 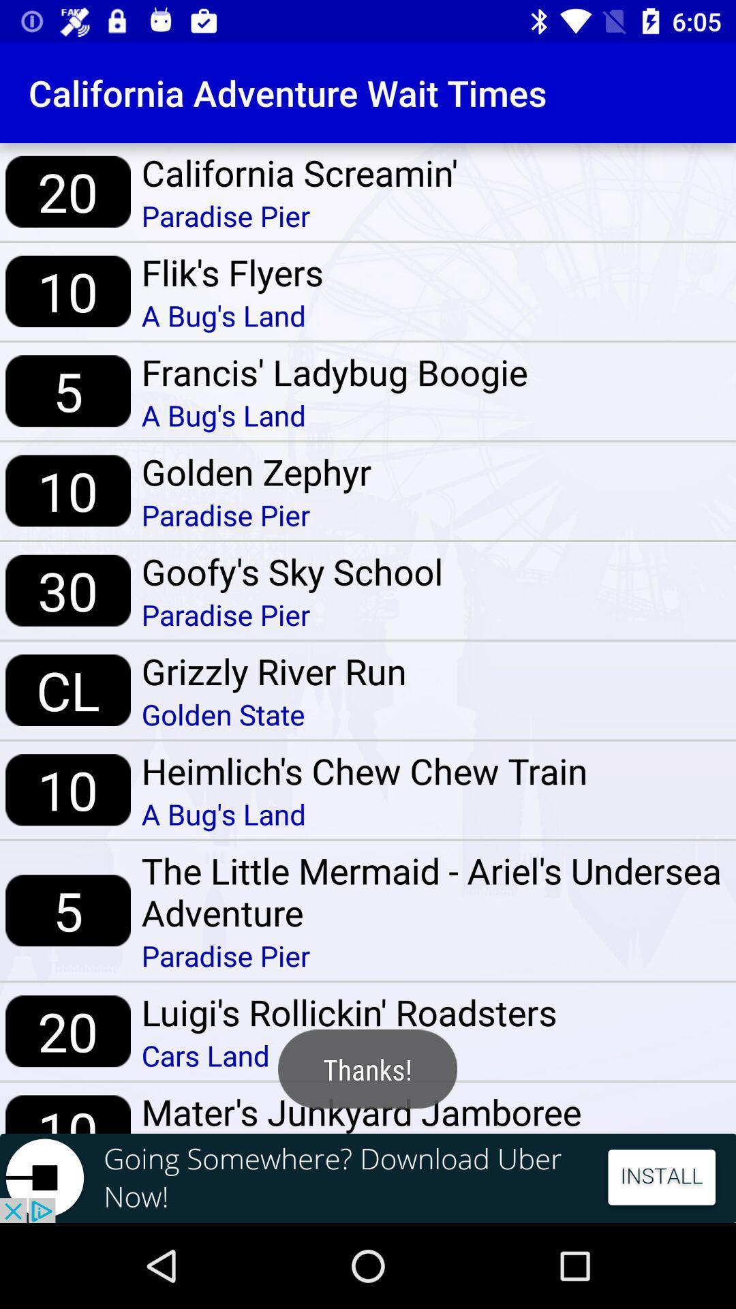 I want to click on item next to the 5, so click(x=433, y=891).